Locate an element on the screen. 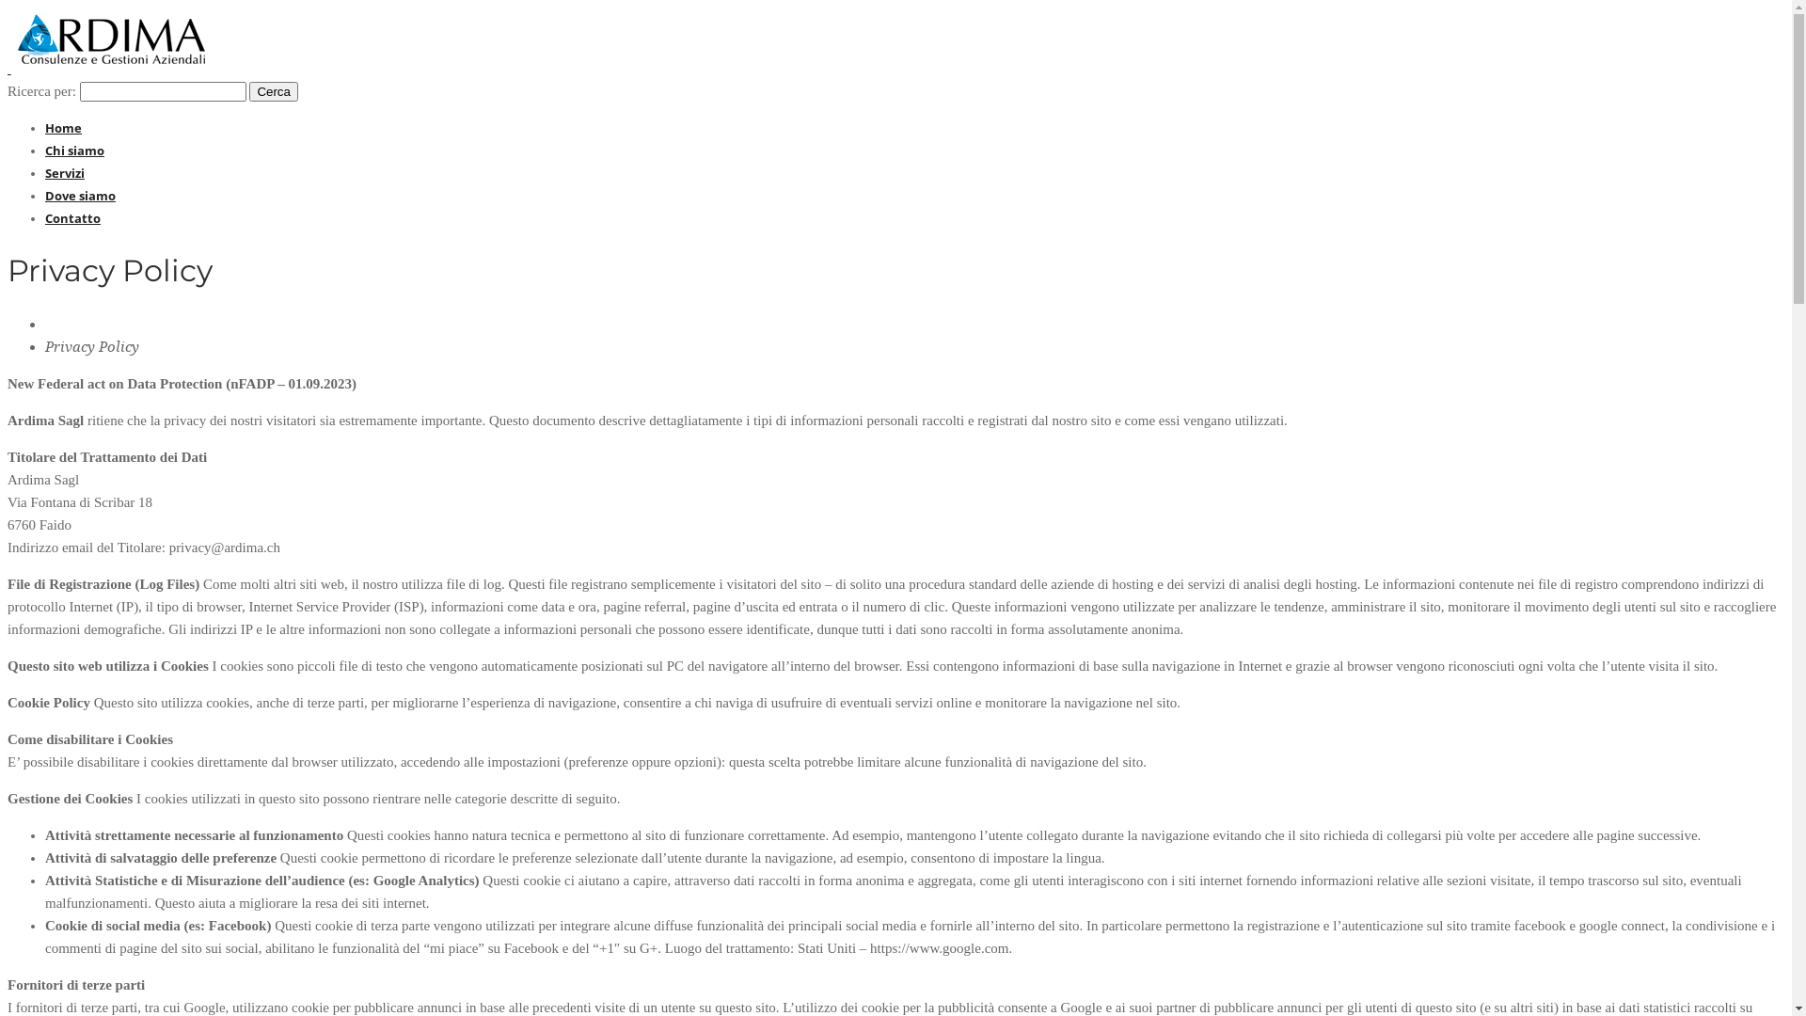  'Servizi' is located at coordinates (45, 173).